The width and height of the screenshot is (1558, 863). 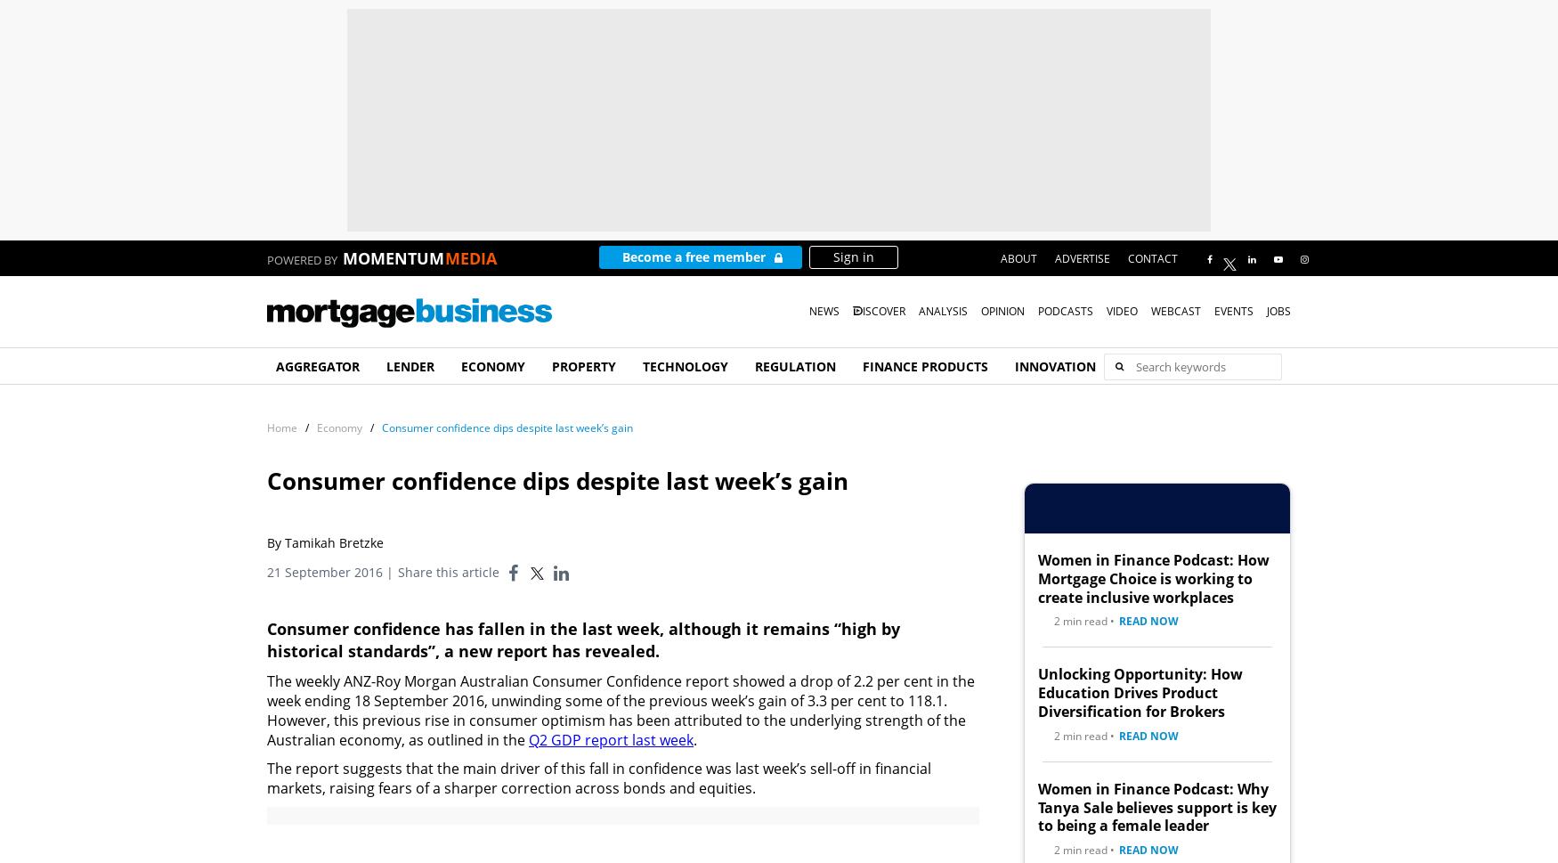 What do you see at coordinates (610, 739) in the screenshot?
I see `'Q2 GDP report last week'` at bounding box center [610, 739].